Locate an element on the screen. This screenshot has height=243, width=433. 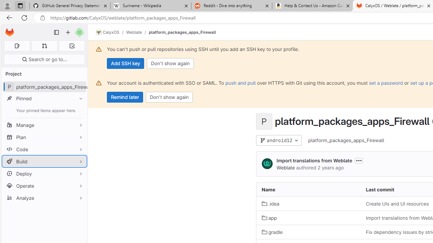
'Build' is located at coordinates (44, 161).